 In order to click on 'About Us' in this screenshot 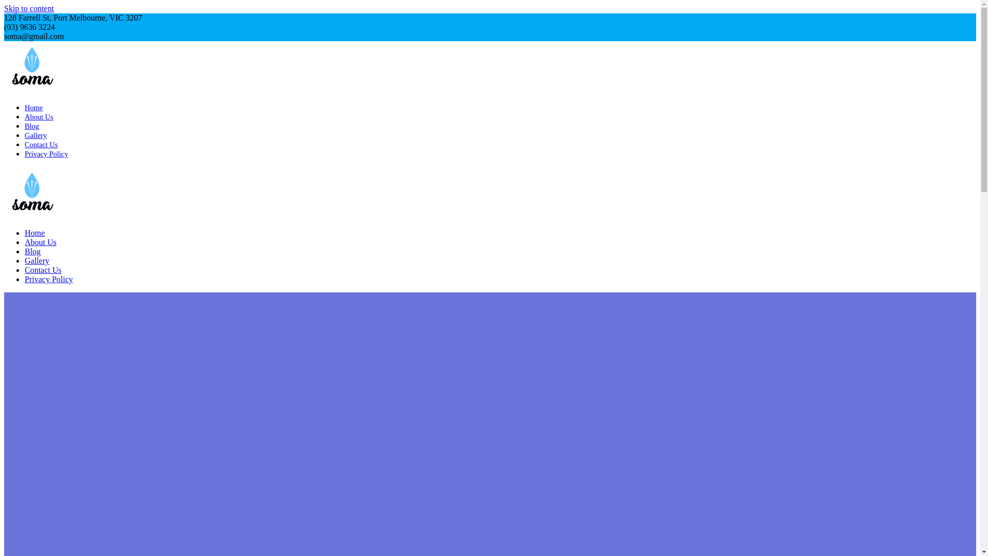, I will do `click(40, 242)`.